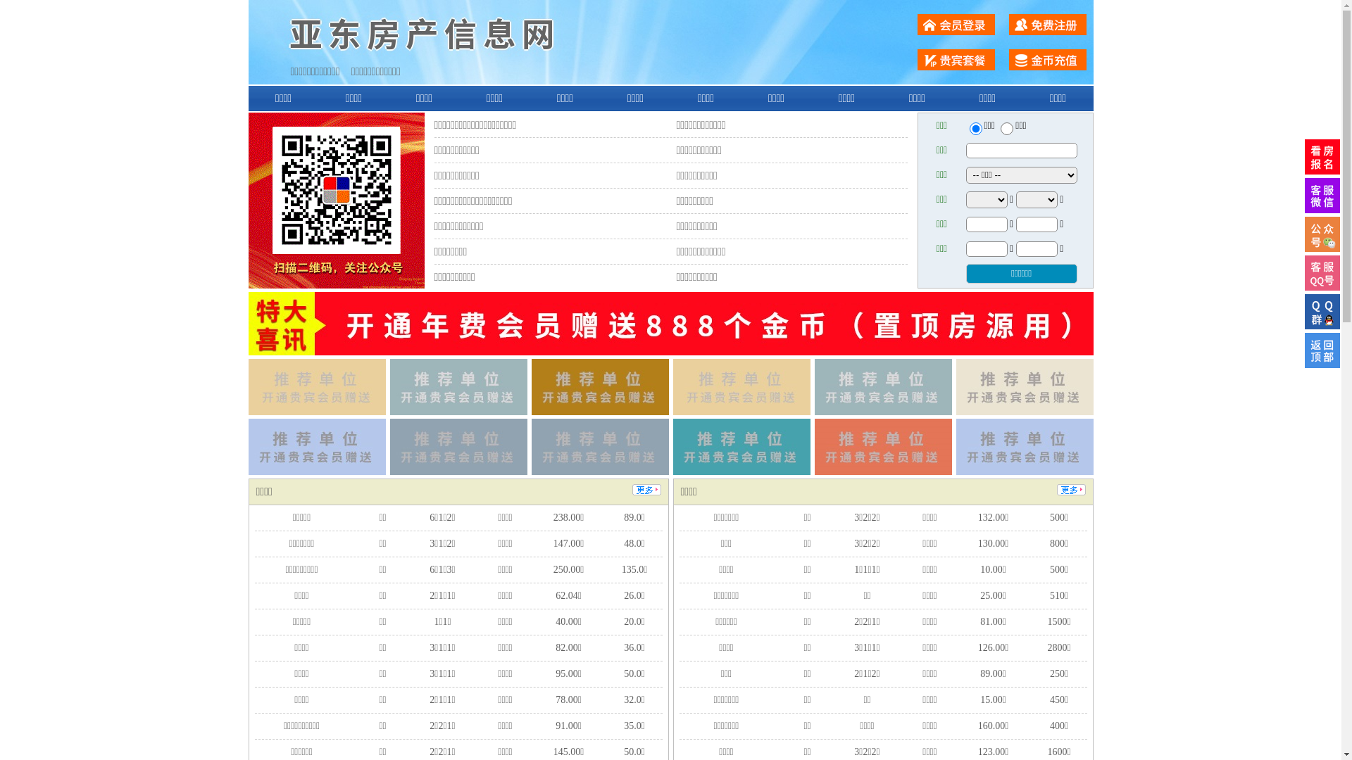 This screenshot has width=1352, height=760. What do you see at coordinates (1006, 128) in the screenshot?
I see `'chuzu'` at bounding box center [1006, 128].